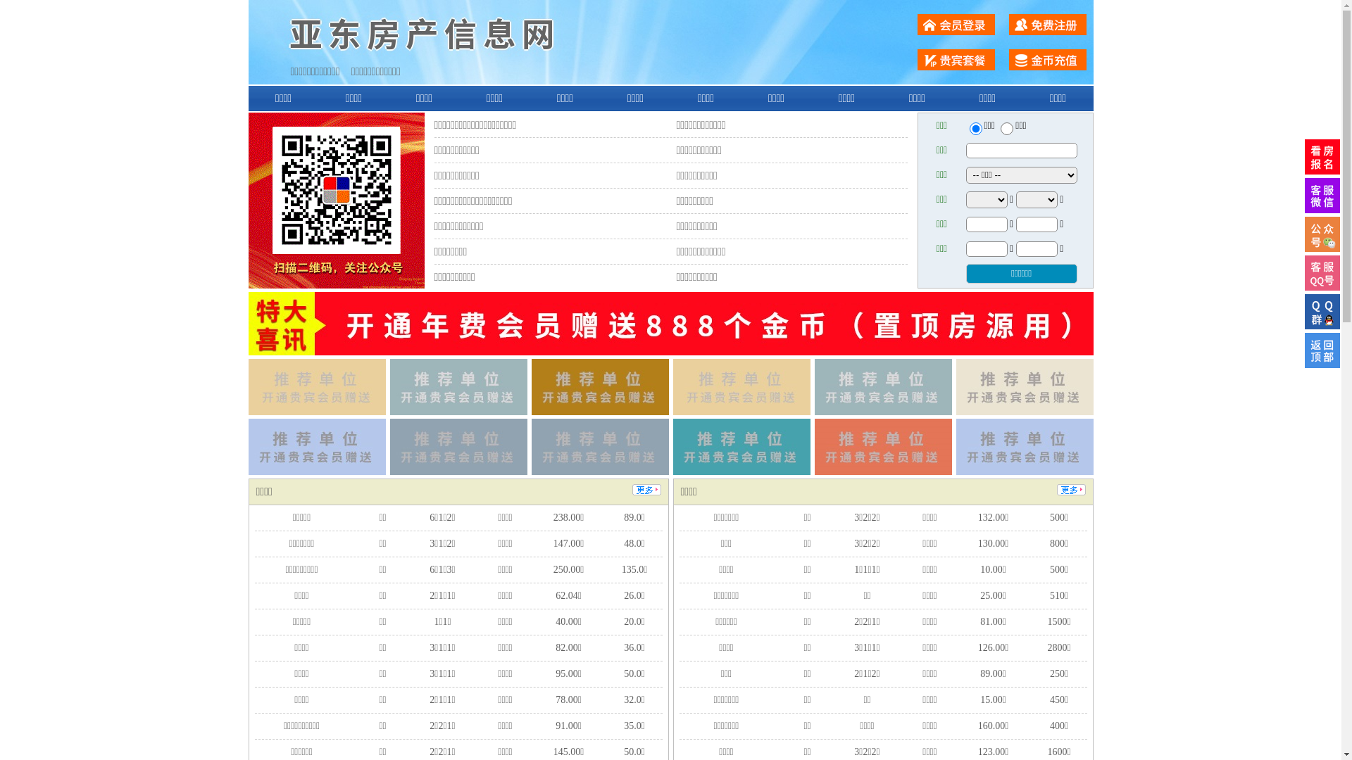 This screenshot has width=1352, height=760. What do you see at coordinates (1006, 128) in the screenshot?
I see `'chuzu'` at bounding box center [1006, 128].